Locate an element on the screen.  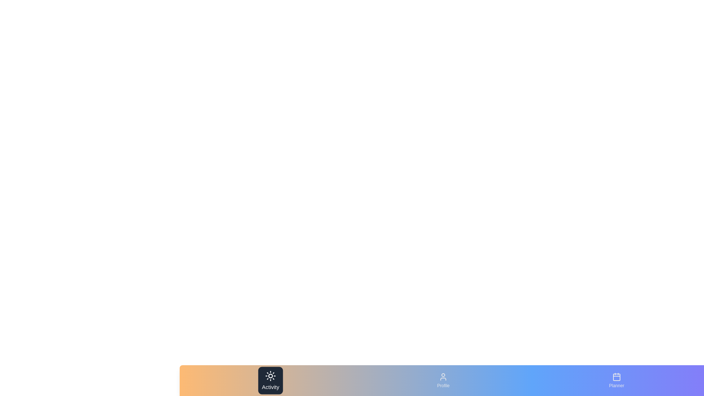
the tab labeled Profile to observe visual feedback is located at coordinates (443, 380).